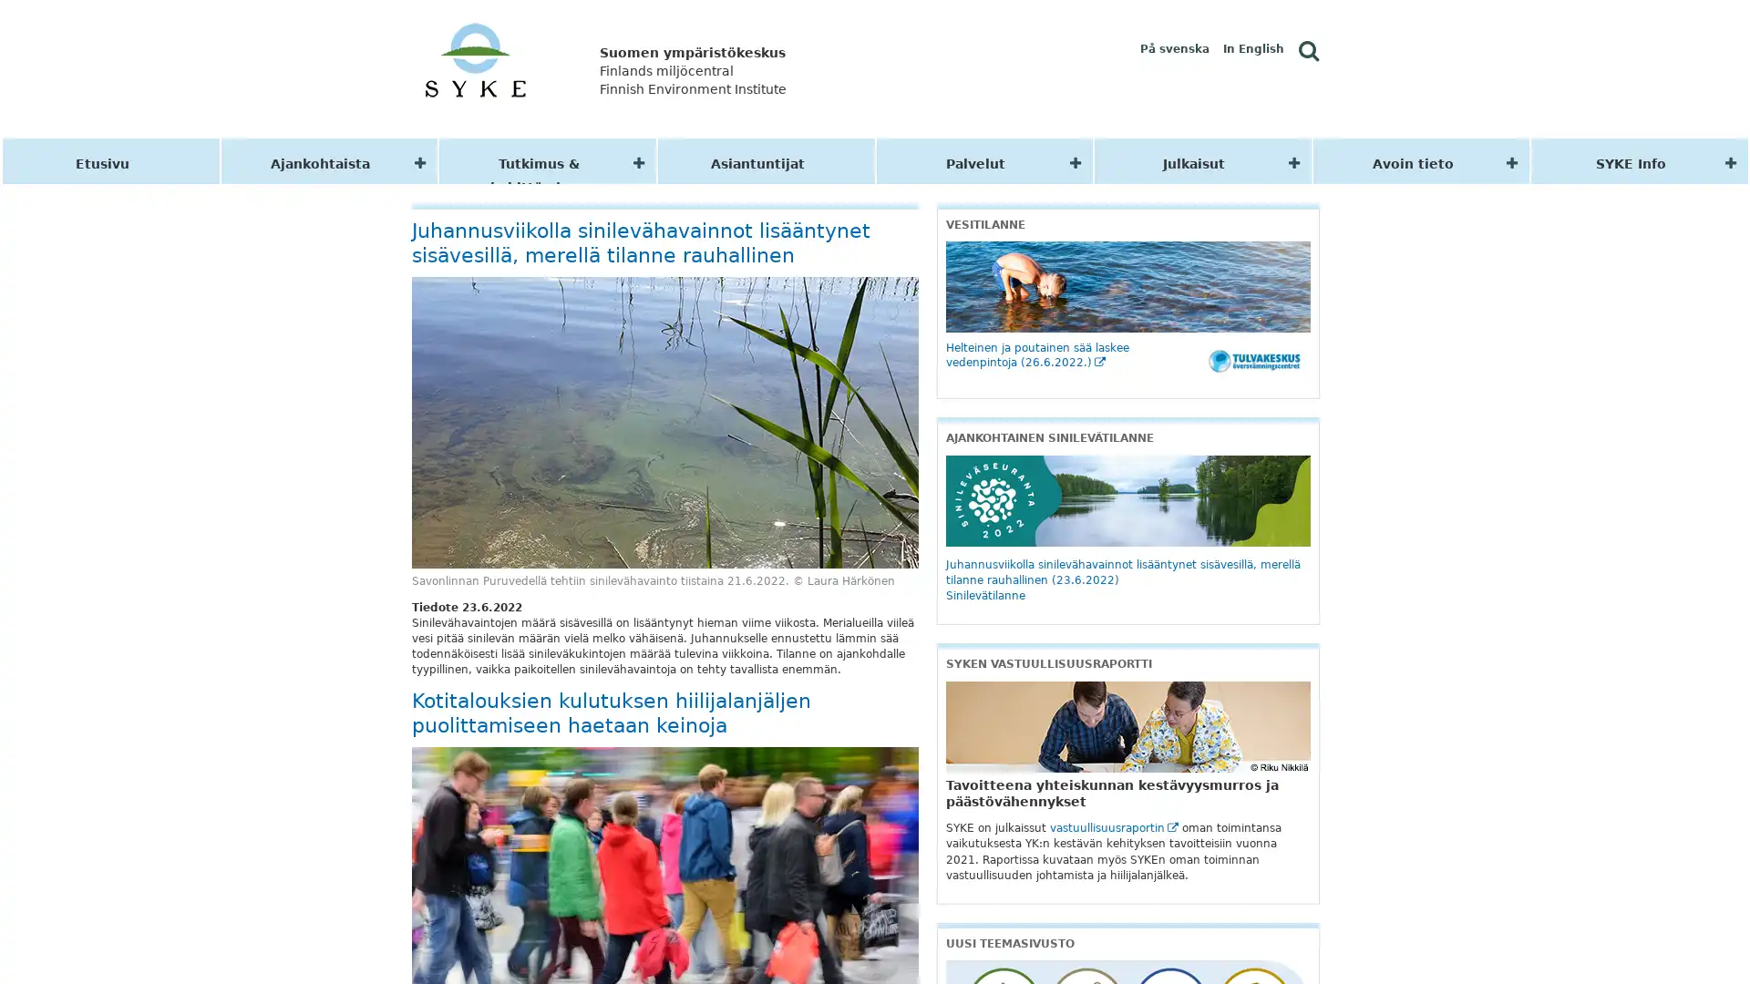 The image size is (1750, 984). Describe the element at coordinates (1307, 50) in the screenshot. I see `Hae` at that location.